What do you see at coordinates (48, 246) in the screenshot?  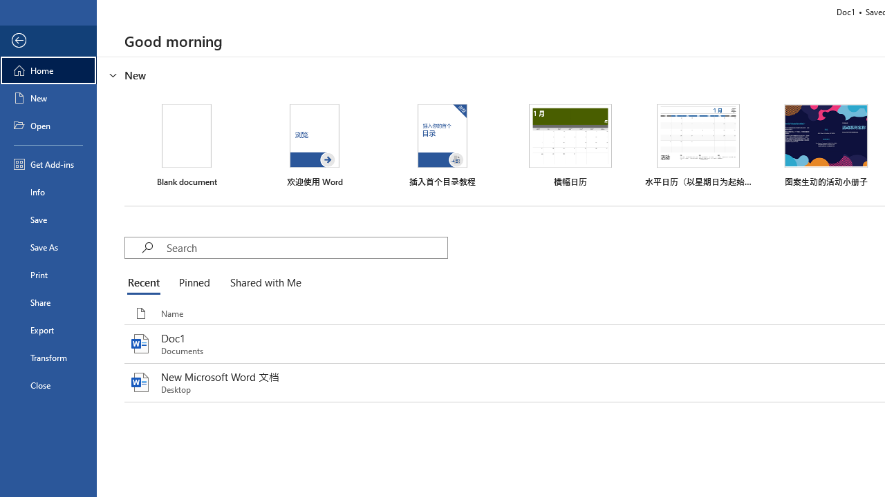 I see `'Save As'` at bounding box center [48, 246].